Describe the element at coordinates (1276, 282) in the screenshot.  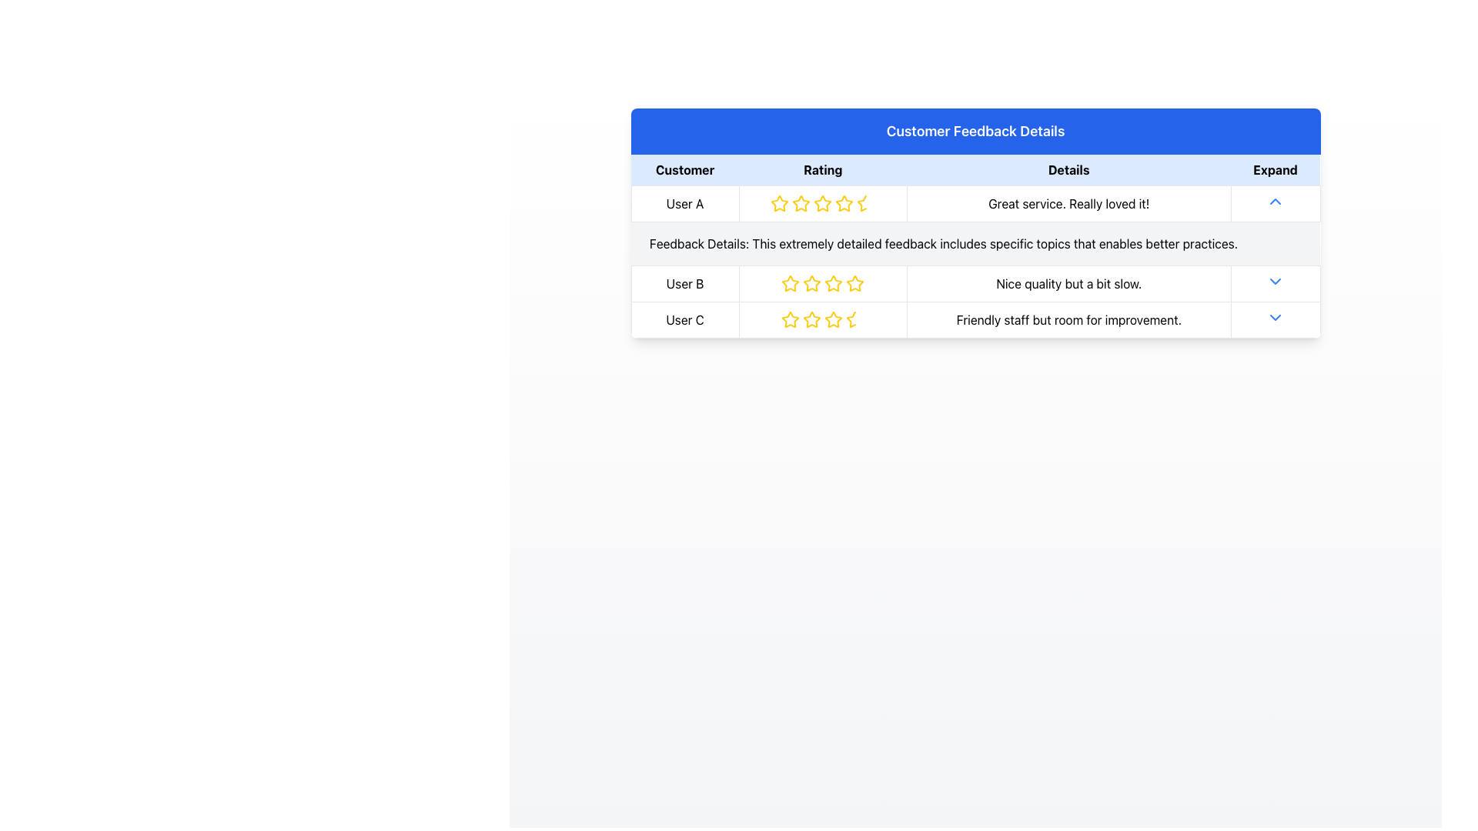
I see `the chevron icon in the 'Expand' column of the 'User B' row in the 'Customer Feedback Details' table` at that location.